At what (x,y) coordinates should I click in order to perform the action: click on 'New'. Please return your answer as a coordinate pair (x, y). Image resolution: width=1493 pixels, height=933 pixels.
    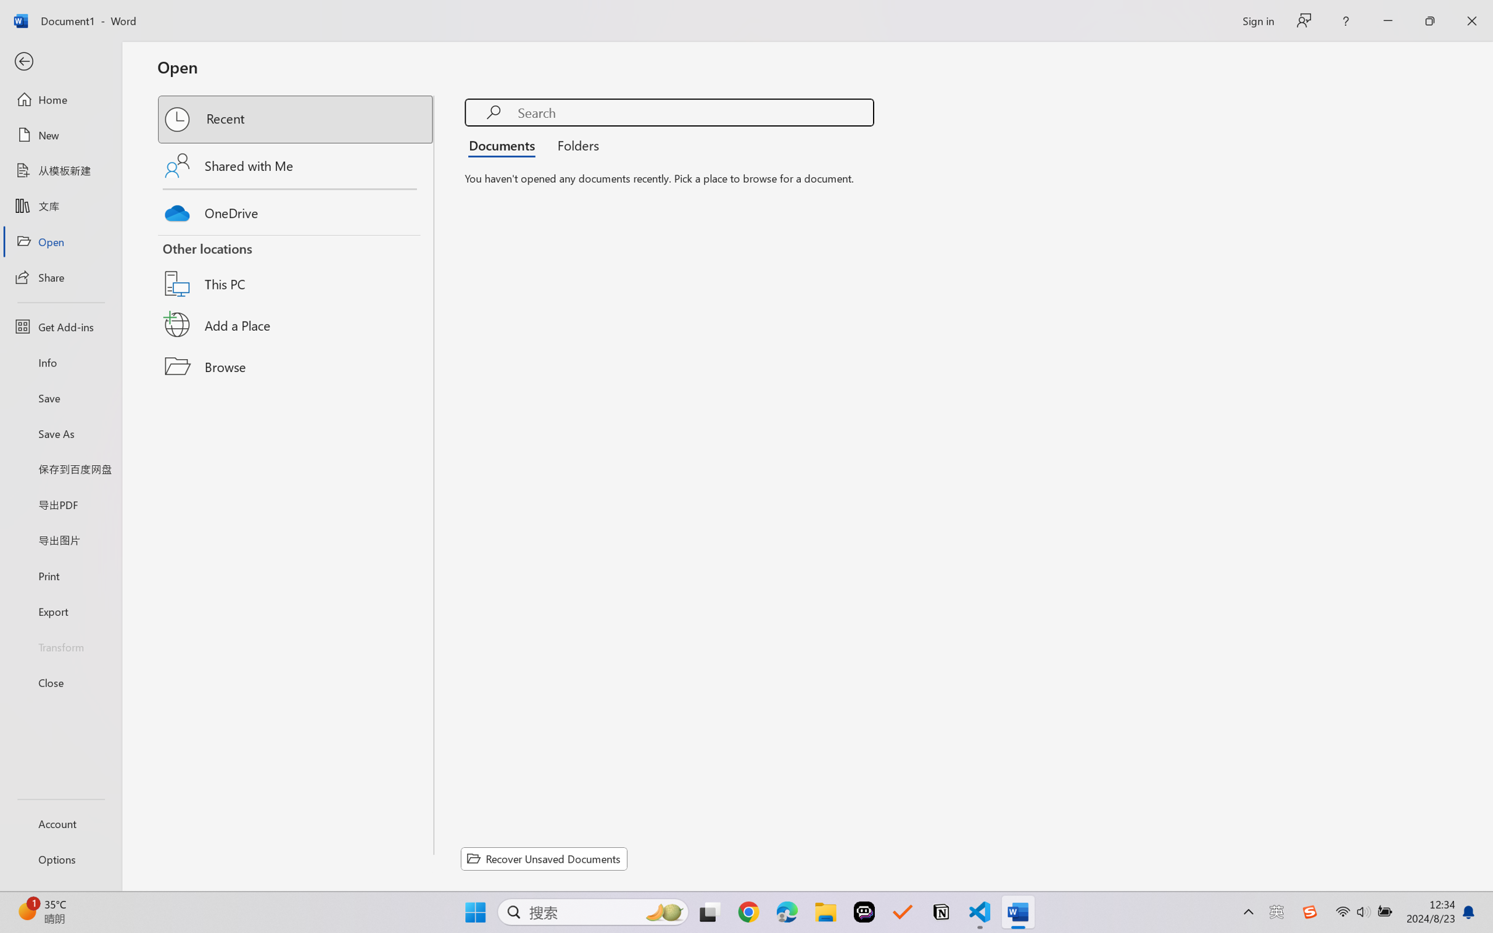
    Looking at the image, I should click on (60, 134).